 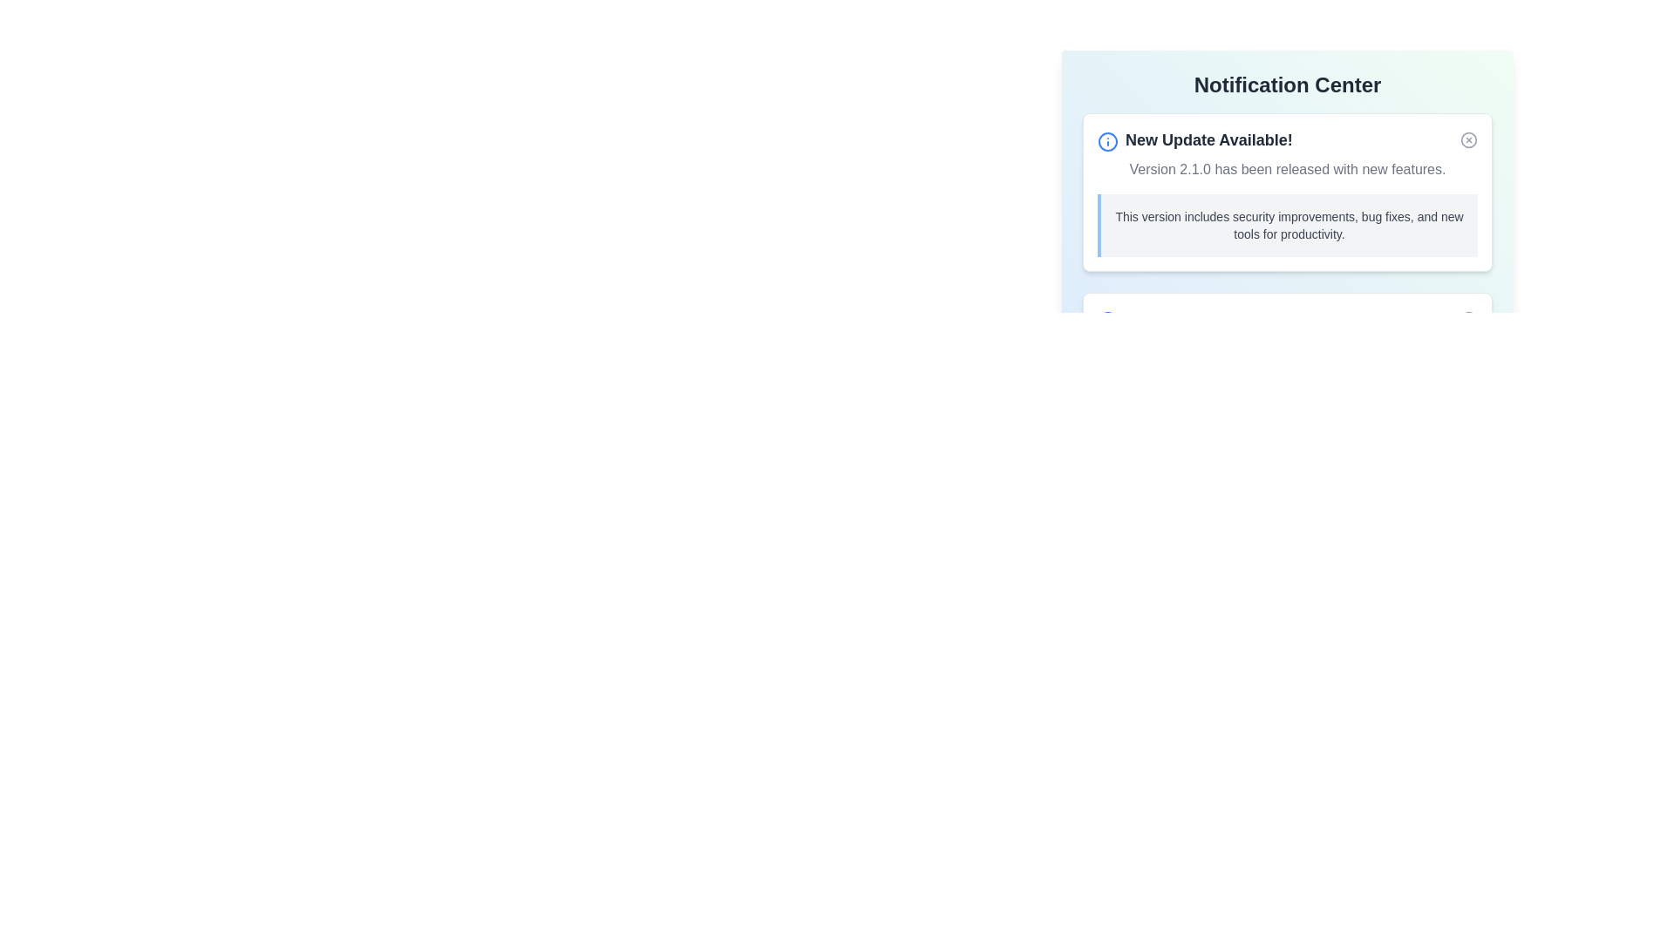 What do you see at coordinates (1467, 139) in the screenshot?
I see `the close button of the alert to dismiss it` at bounding box center [1467, 139].